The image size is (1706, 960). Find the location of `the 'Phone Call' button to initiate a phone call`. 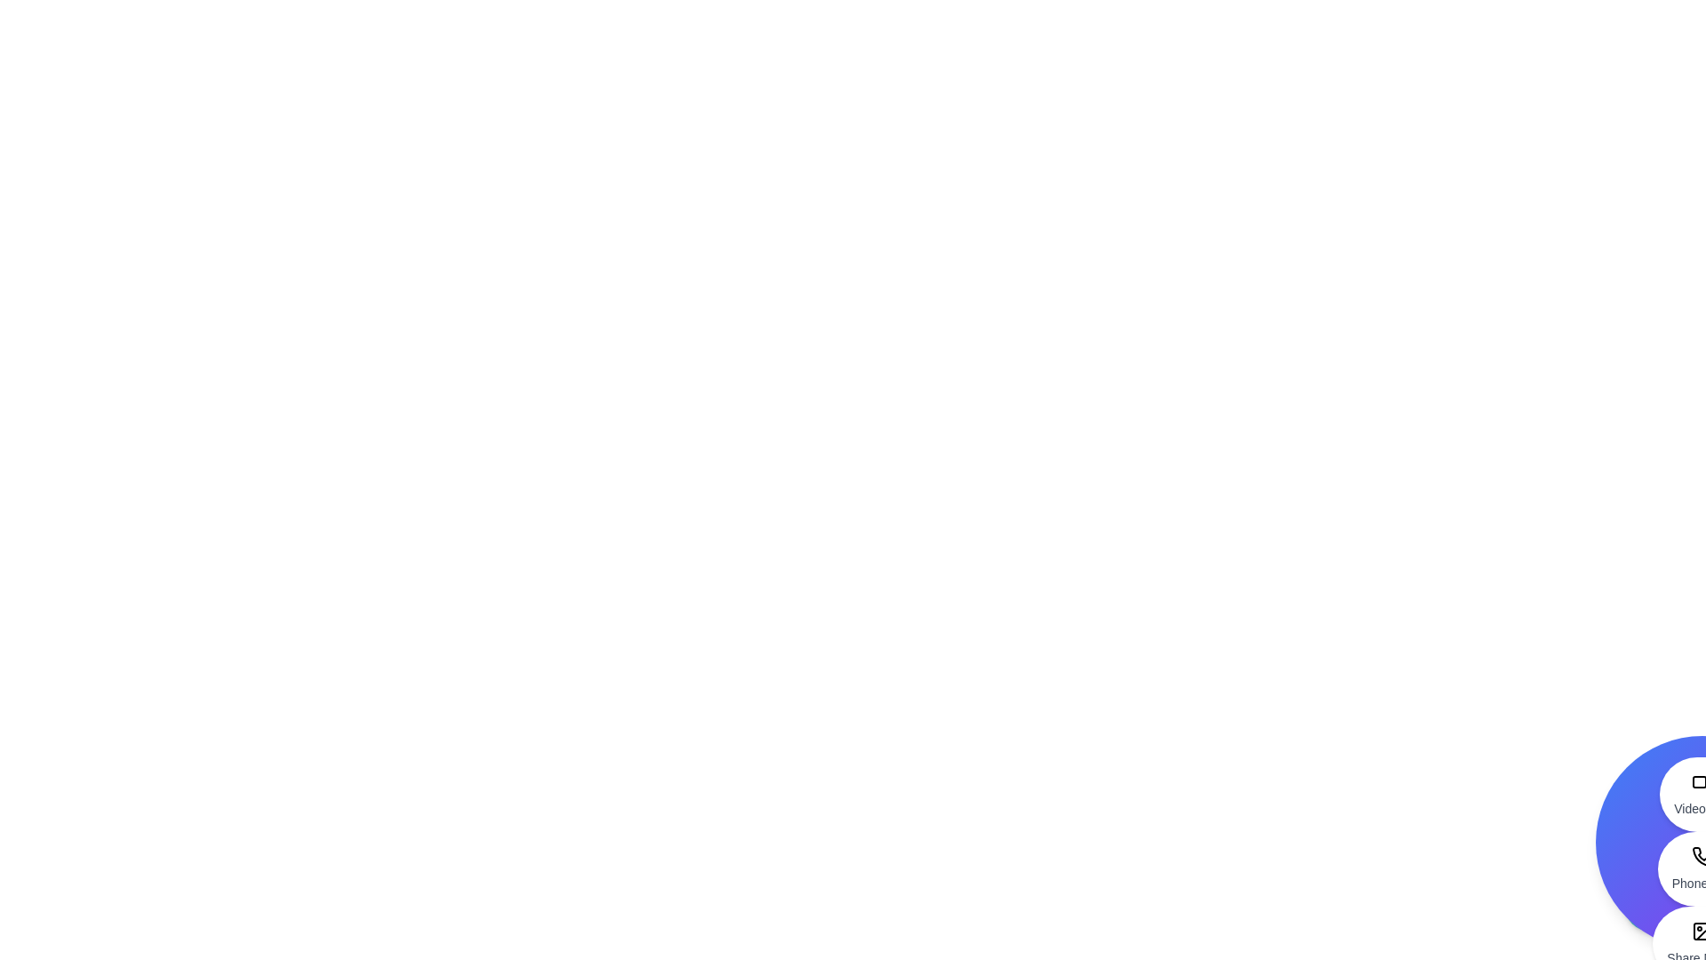

the 'Phone Call' button to initiate a phone call is located at coordinates (1701, 868).